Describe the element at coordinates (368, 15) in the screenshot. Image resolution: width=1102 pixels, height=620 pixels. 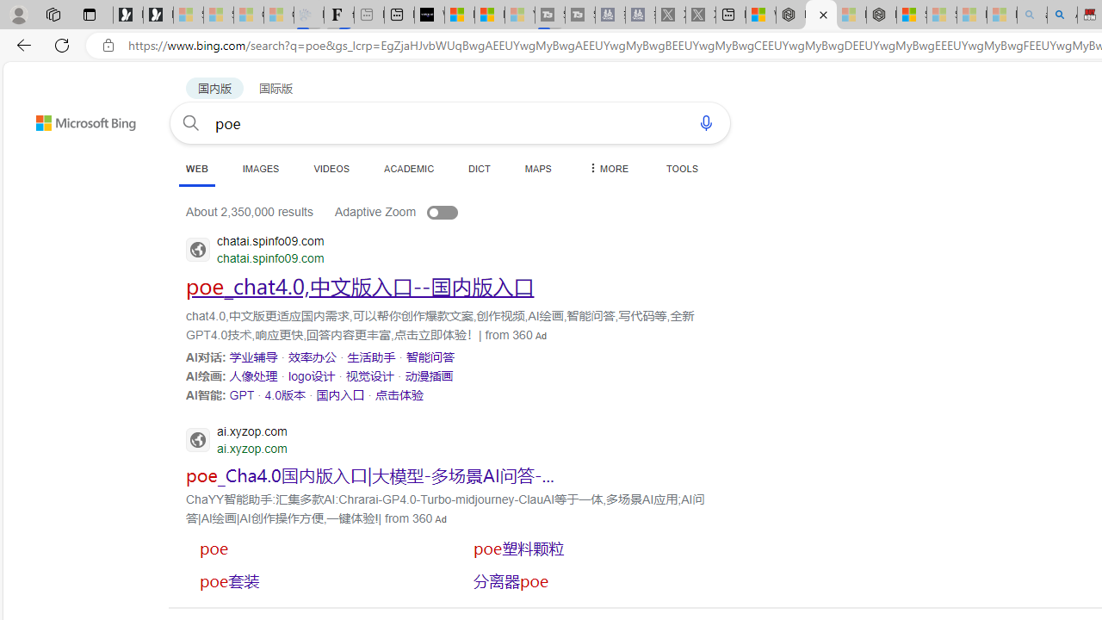
I see `'New tab - Sleeping'` at that location.